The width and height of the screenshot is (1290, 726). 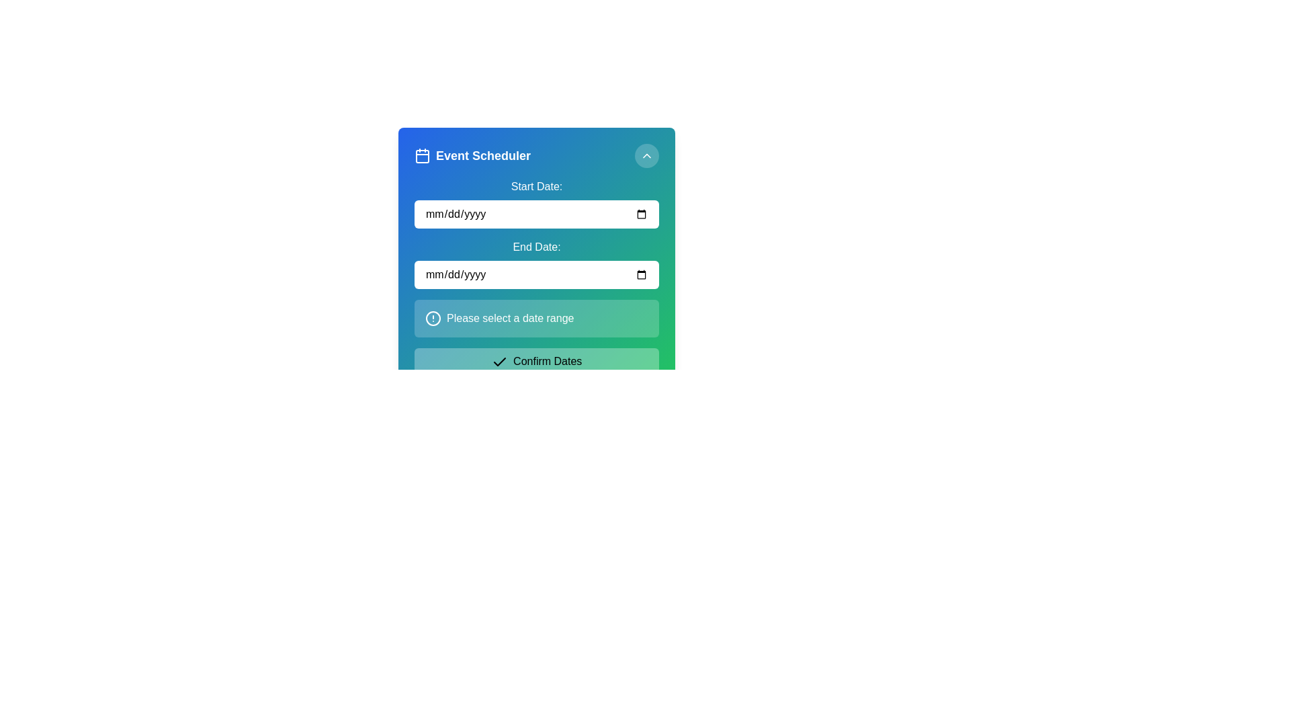 What do you see at coordinates (433, 319) in the screenshot?
I see `the small circular icon located to the left of the text 'Please select a date range', which features an outlined circle and a dot inside, within a notification component` at bounding box center [433, 319].